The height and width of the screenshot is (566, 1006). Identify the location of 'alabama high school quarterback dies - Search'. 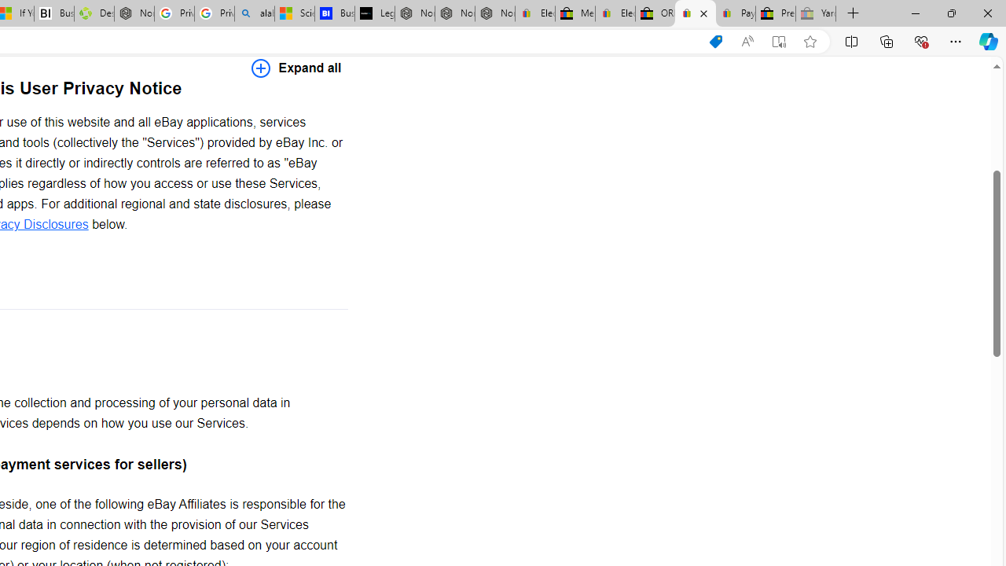
(255, 13).